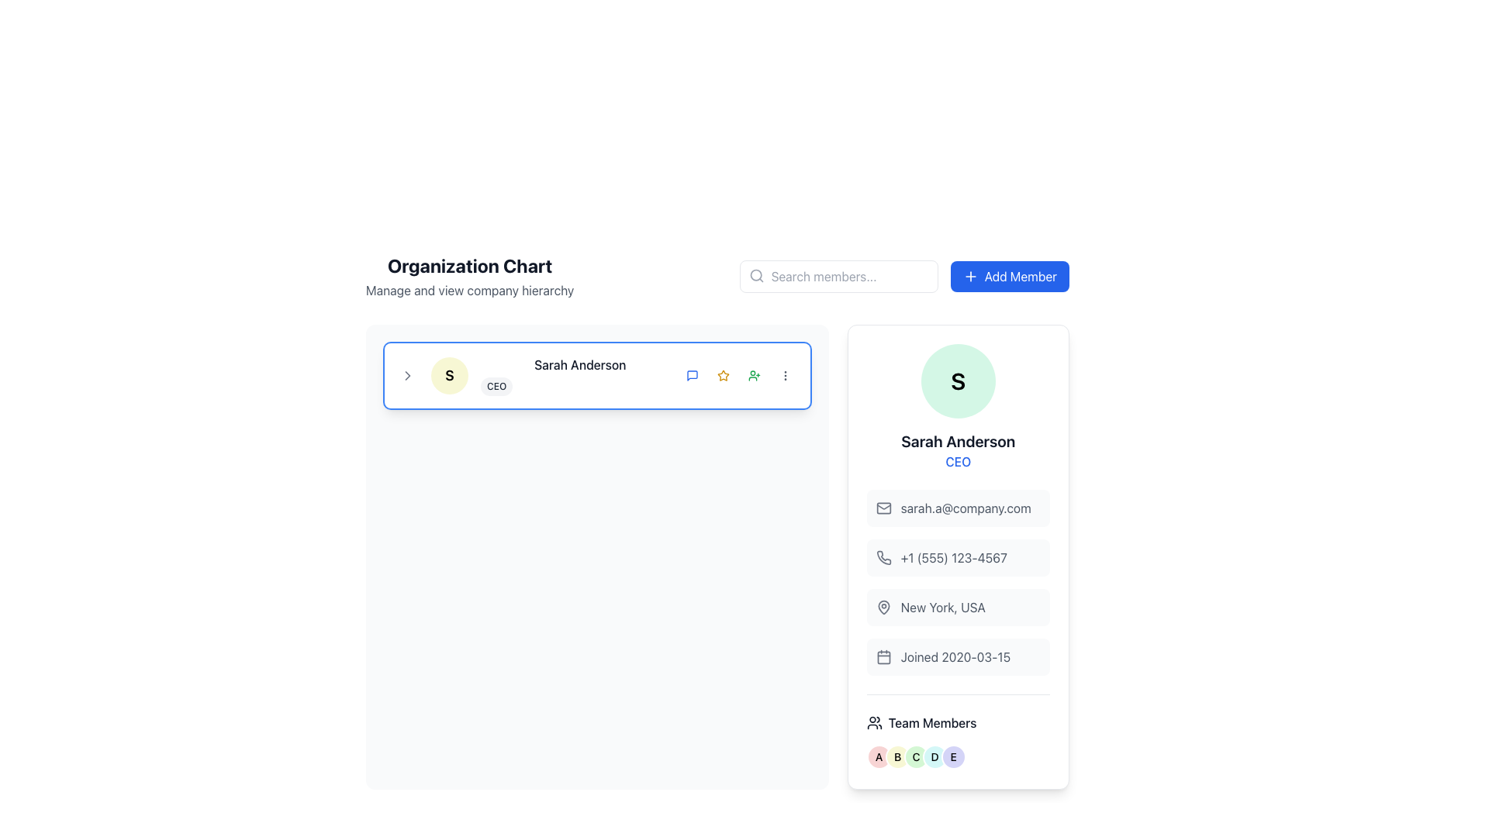 This screenshot has height=837, width=1489. Describe the element at coordinates (469, 276) in the screenshot. I see `the 'Organization Chart' text block header, which features a bold title and a subtitle, located in the top-central area of the interface` at that location.